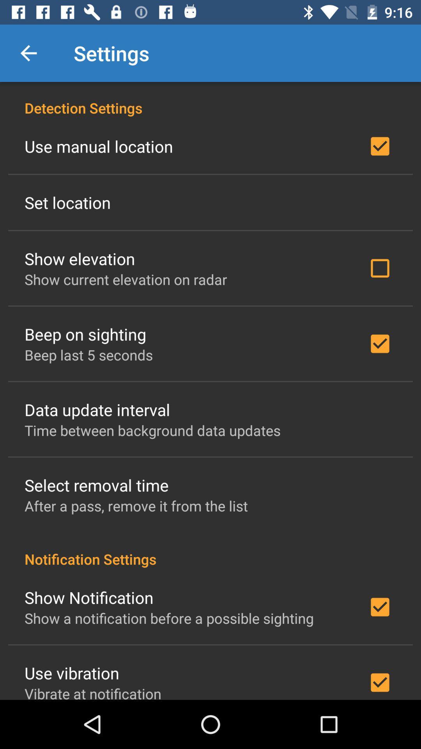 The height and width of the screenshot is (749, 421). I want to click on beep on sighting, so click(85, 334).